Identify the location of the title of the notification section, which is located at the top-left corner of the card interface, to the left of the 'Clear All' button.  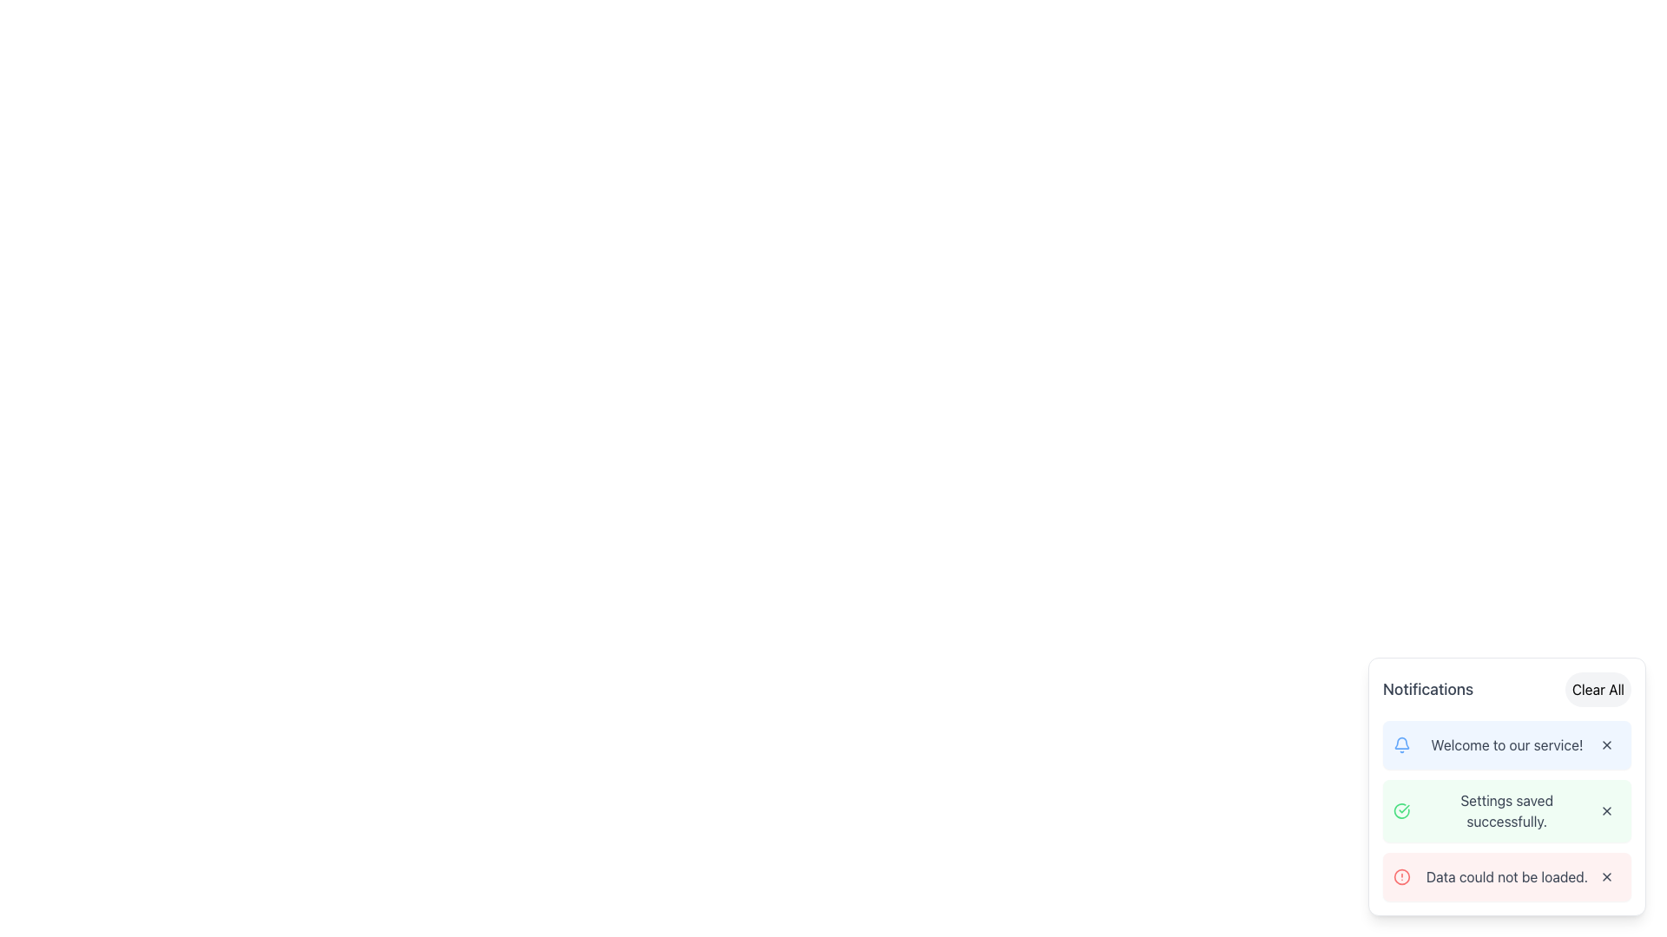
(1428, 688).